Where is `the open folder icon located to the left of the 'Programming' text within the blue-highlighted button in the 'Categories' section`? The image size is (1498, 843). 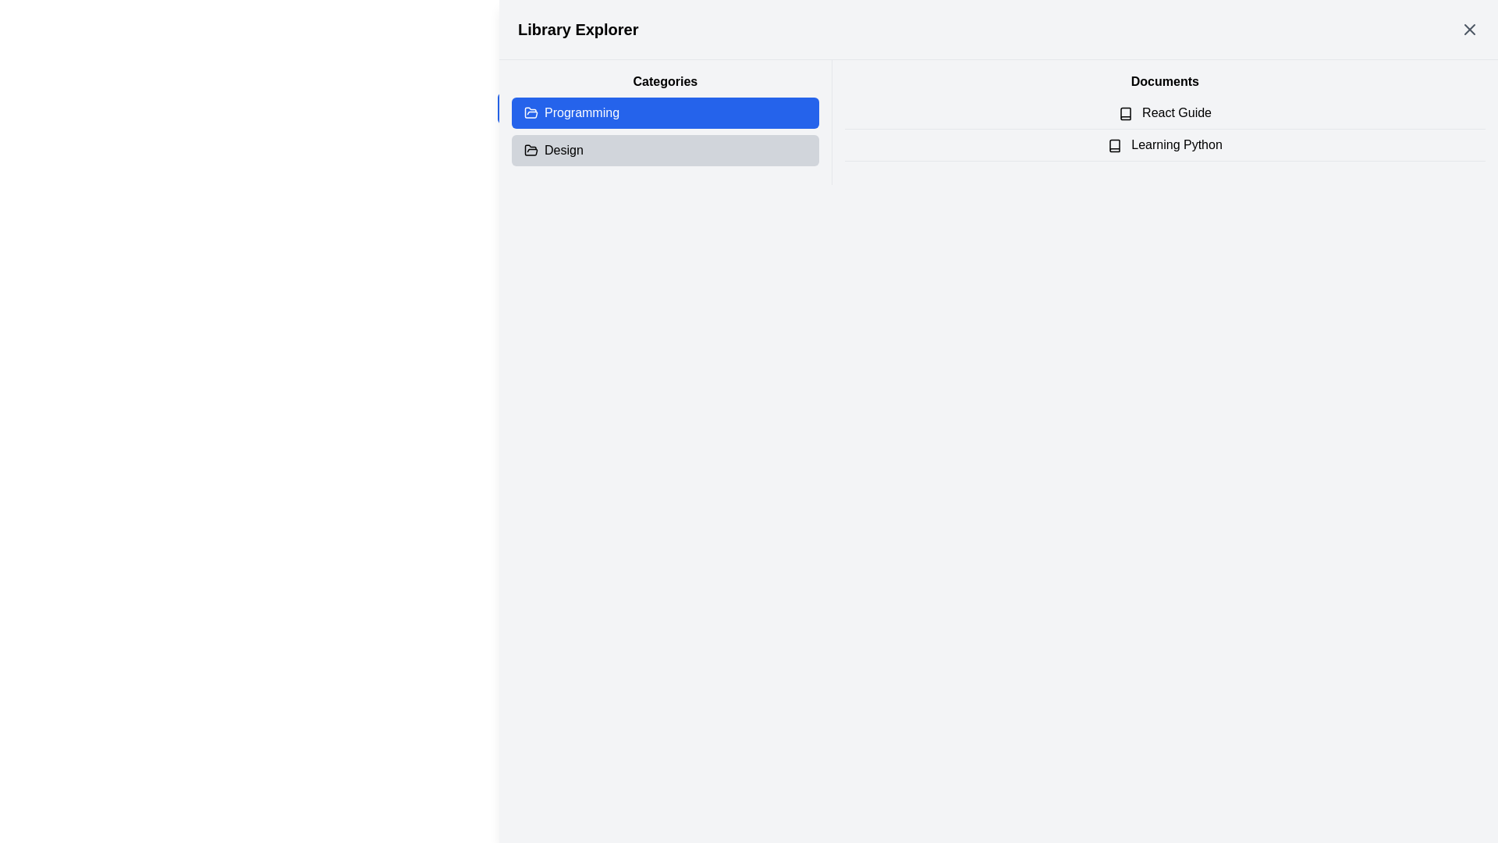
the open folder icon located to the left of the 'Programming' text within the blue-highlighted button in the 'Categories' section is located at coordinates (531, 112).